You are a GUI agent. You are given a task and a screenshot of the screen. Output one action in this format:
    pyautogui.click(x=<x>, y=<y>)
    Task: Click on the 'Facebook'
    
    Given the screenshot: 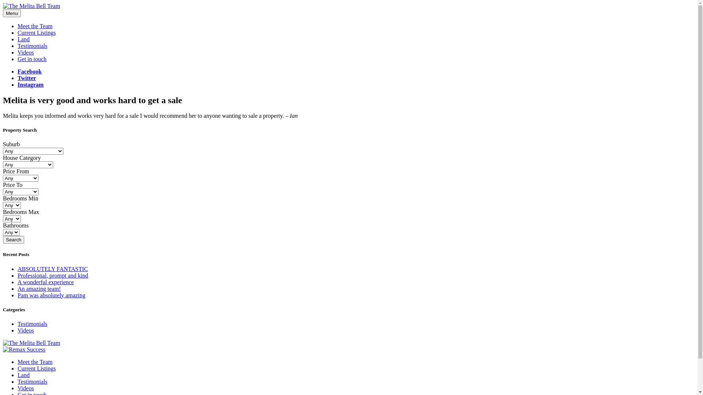 What is the action you would take?
    pyautogui.click(x=29, y=71)
    